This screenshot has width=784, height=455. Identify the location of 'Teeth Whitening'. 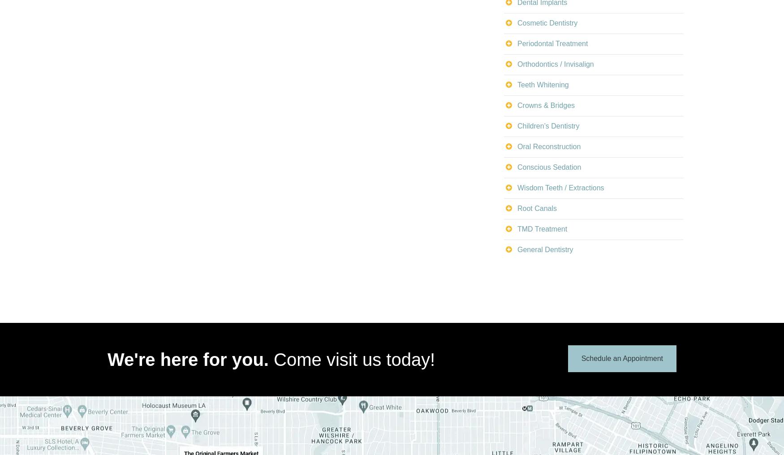
(543, 84).